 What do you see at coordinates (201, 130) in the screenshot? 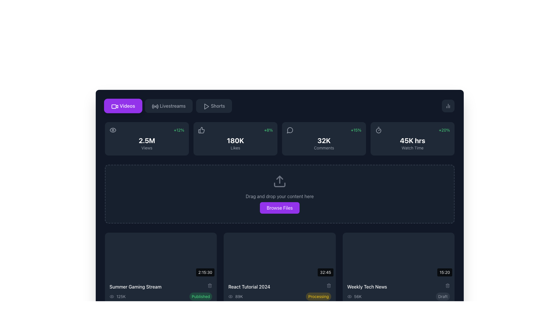
I see `the thumbs-up icon representing 'like' in the card displaying '180K Likes' with an increase of '+8%'` at bounding box center [201, 130].